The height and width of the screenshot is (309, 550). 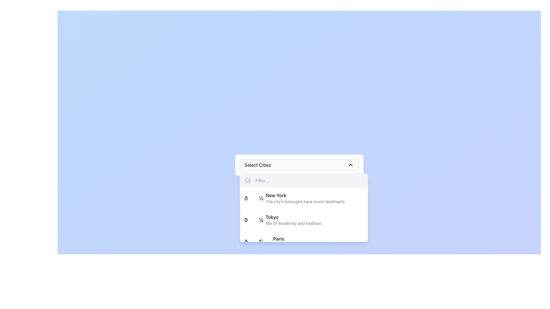 I want to click on the text display element showing 'Tokyo' in the dropdown menu, which is the second entry in the list of selectable cities, so click(x=294, y=219).